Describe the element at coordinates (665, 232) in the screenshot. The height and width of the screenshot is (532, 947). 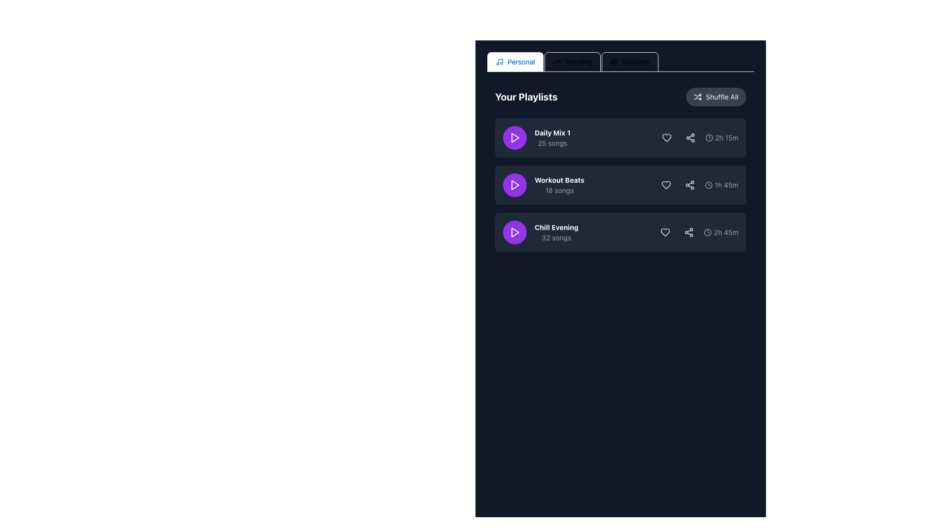
I see `the heart-shaped button icon located in the third row of the playlist entries, next to the title 'Chill Evening', to observe its hover effects` at that location.